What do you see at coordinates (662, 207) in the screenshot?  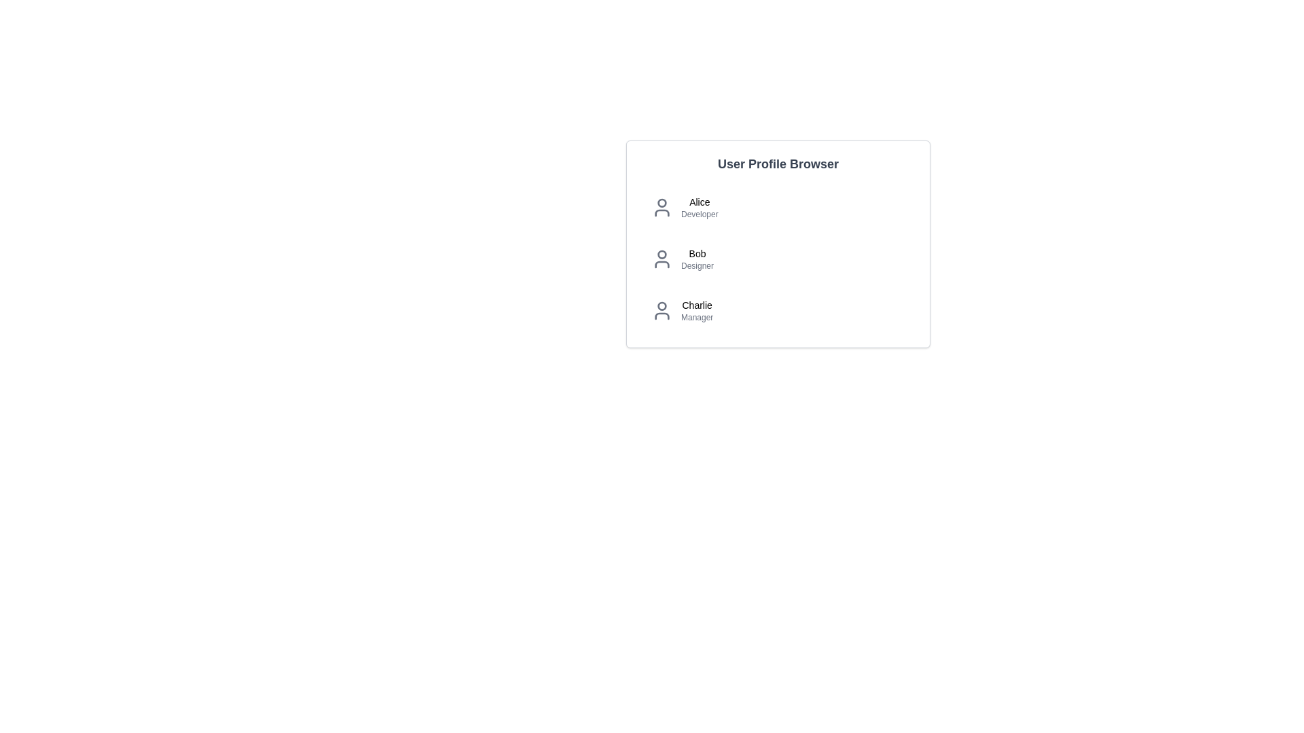 I see `the user profile icon for 'Alice Developer', which is positioned leftmost in the first user card in the 'User Profile Browser' section` at bounding box center [662, 207].